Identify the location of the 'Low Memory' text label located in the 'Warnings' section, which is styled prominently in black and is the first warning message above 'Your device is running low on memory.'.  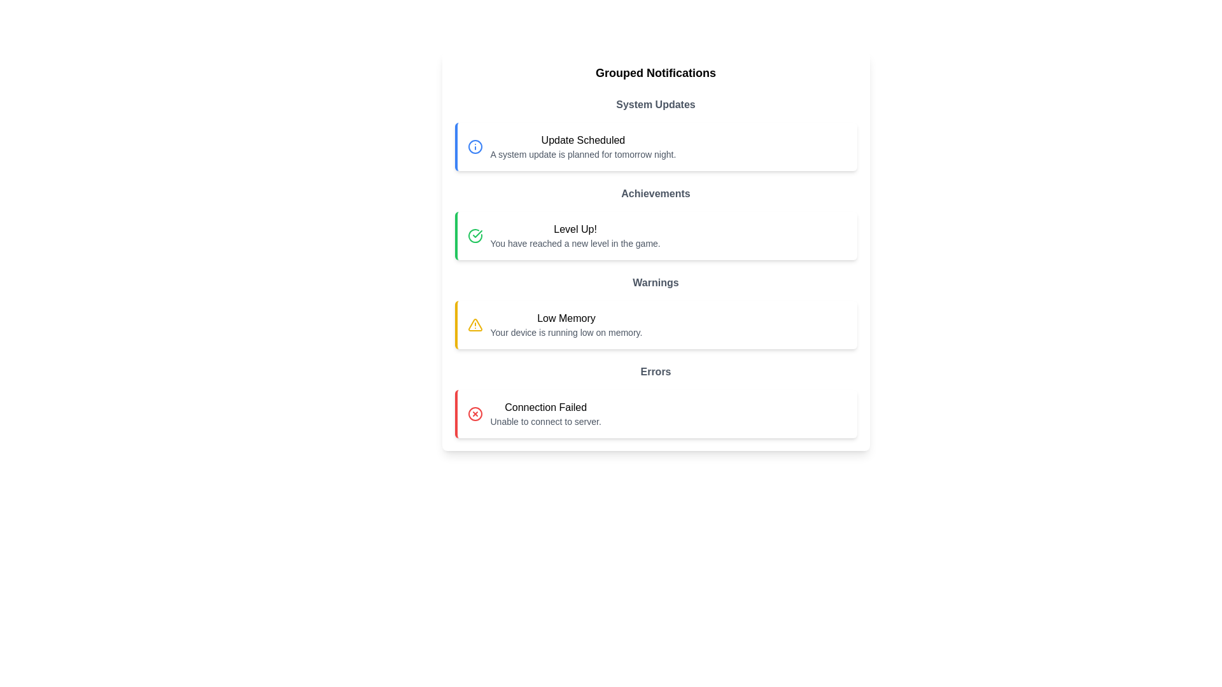
(565, 318).